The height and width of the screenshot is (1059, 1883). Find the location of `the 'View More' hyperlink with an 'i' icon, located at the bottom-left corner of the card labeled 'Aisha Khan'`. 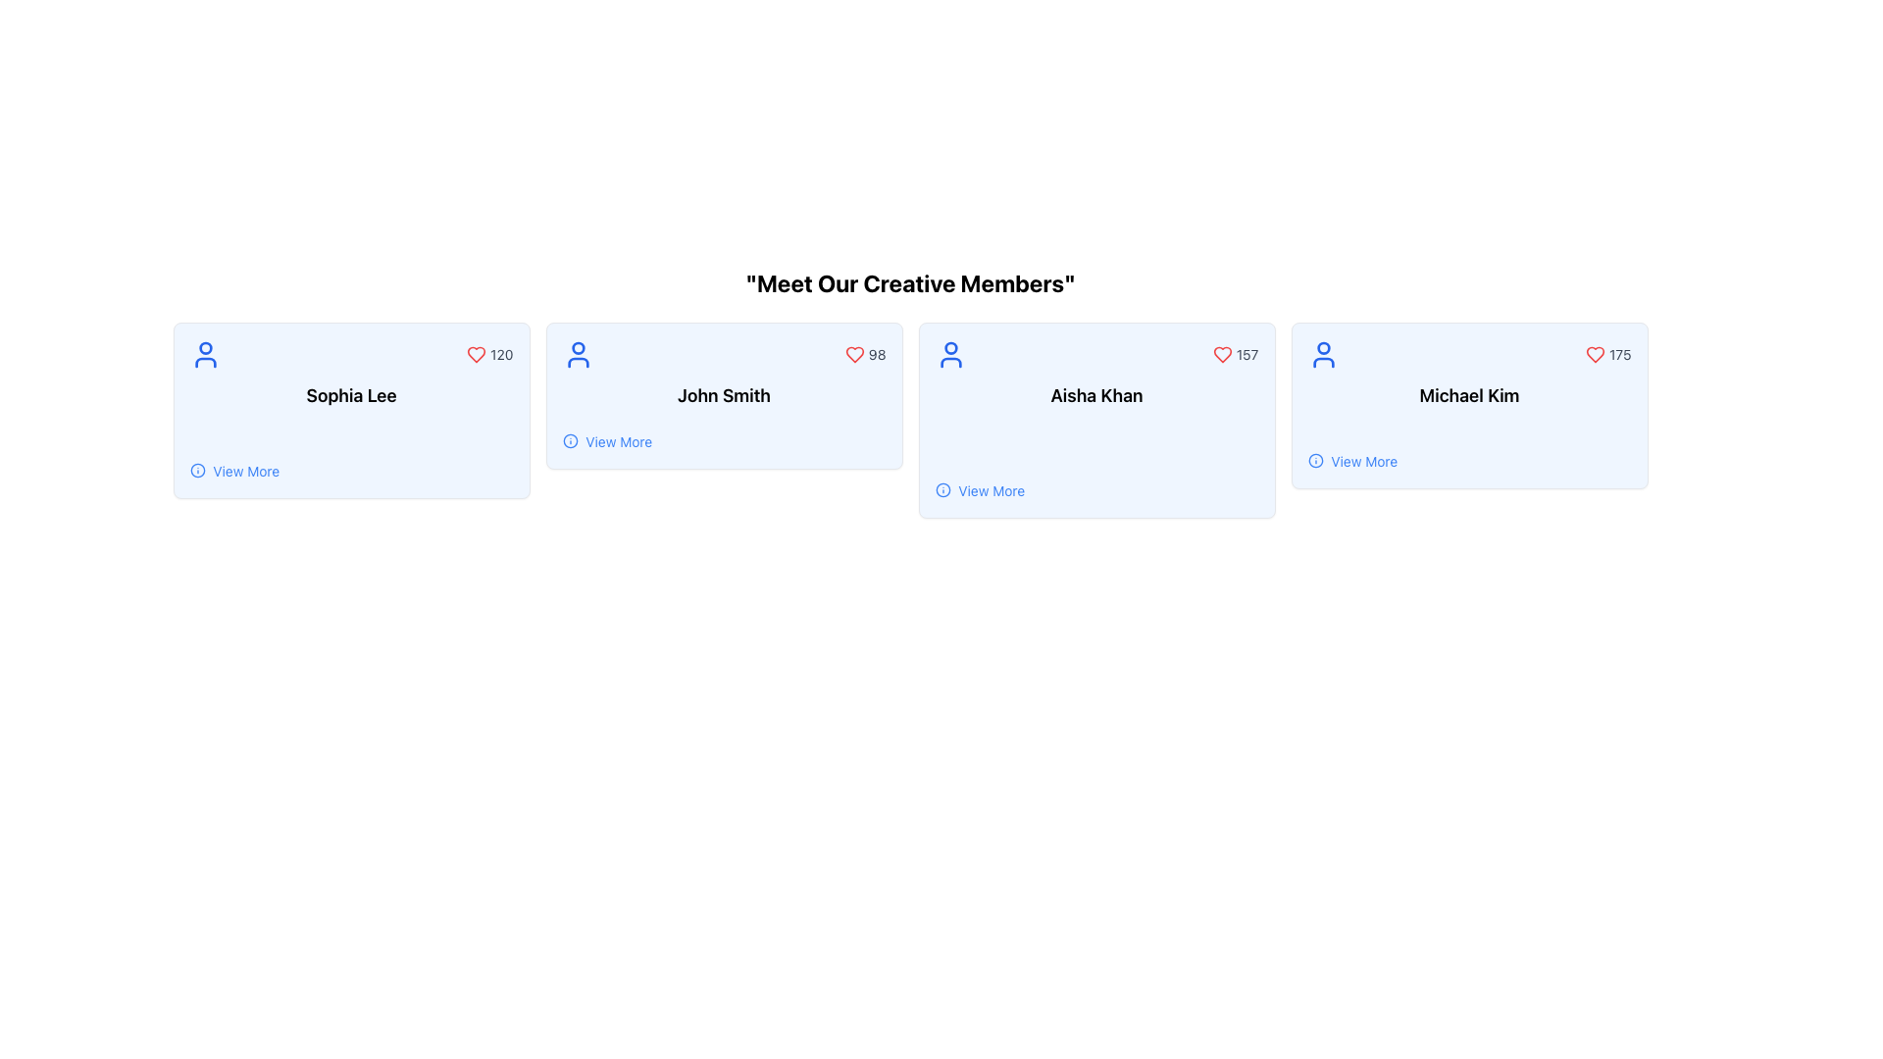

the 'View More' hyperlink with an 'i' icon, located at the bottom-left corner of the card labeled 'Aisha Khan' is located at coordinates (980, 489).